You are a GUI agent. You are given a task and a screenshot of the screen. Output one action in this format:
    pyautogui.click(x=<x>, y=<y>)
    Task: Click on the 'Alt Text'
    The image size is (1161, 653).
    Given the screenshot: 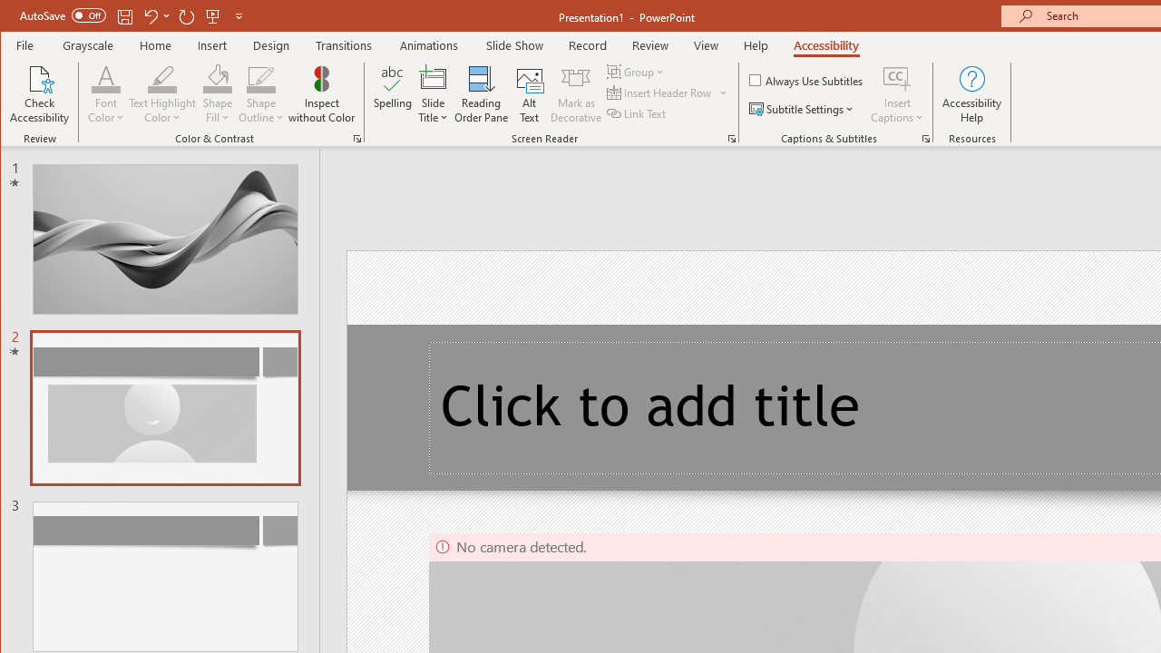 What is the action you would take?
    pyautogui.click(x=529, y=94)
    